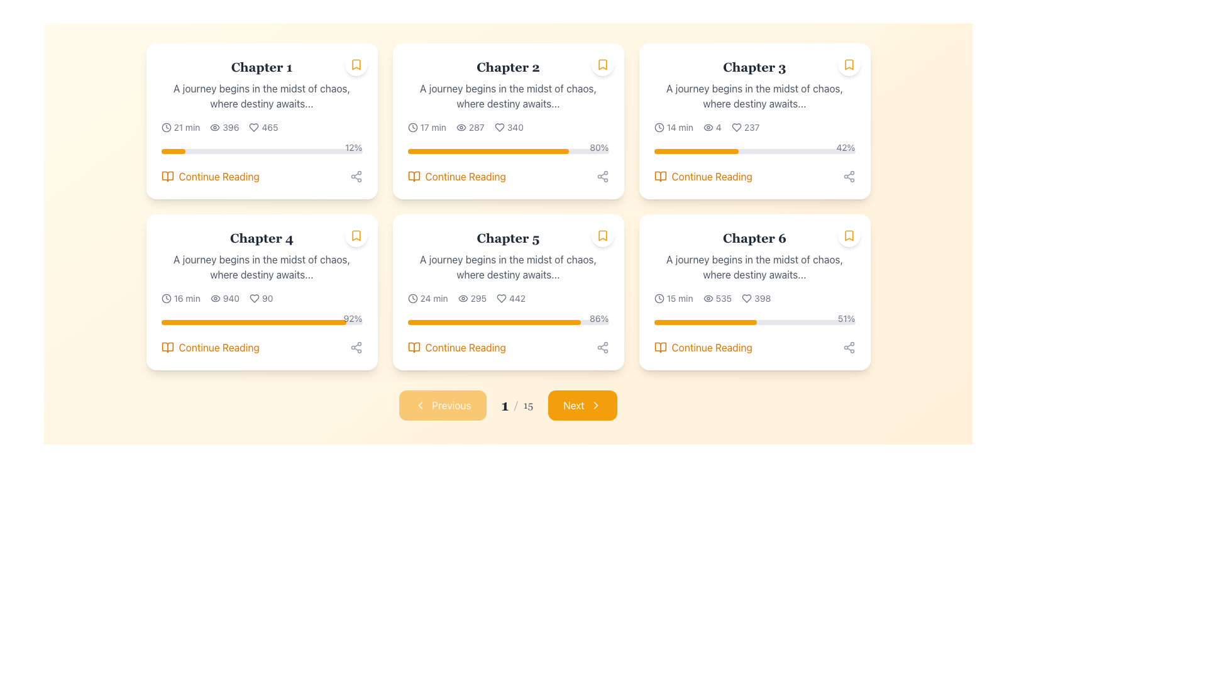 The width and height of the screenshot is (1207, 679). What do you see at coordinates (460, 128) in the screenshot?
I see `the eye icon in the Chapter 2 card, located in the second column of the first row, which signifies visibility and is positioned left of the text '287'` at bounding box center [460, 128].